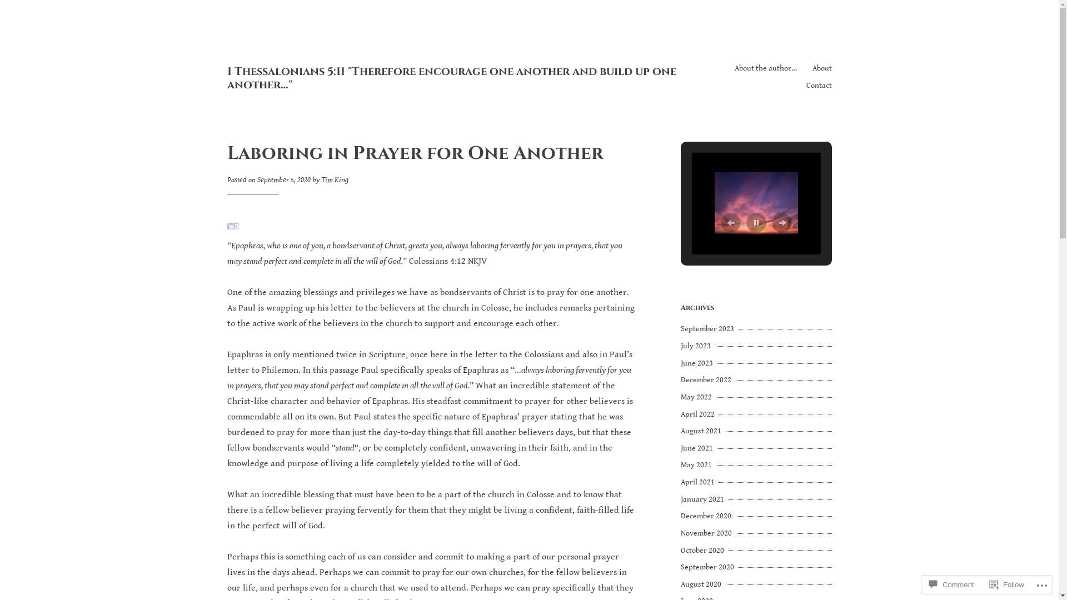 The width and height of the screenshot is (1067, 600). Describe the element at coordinates (703, 498) in the screenshot. I see `'January 2021'` at that location.